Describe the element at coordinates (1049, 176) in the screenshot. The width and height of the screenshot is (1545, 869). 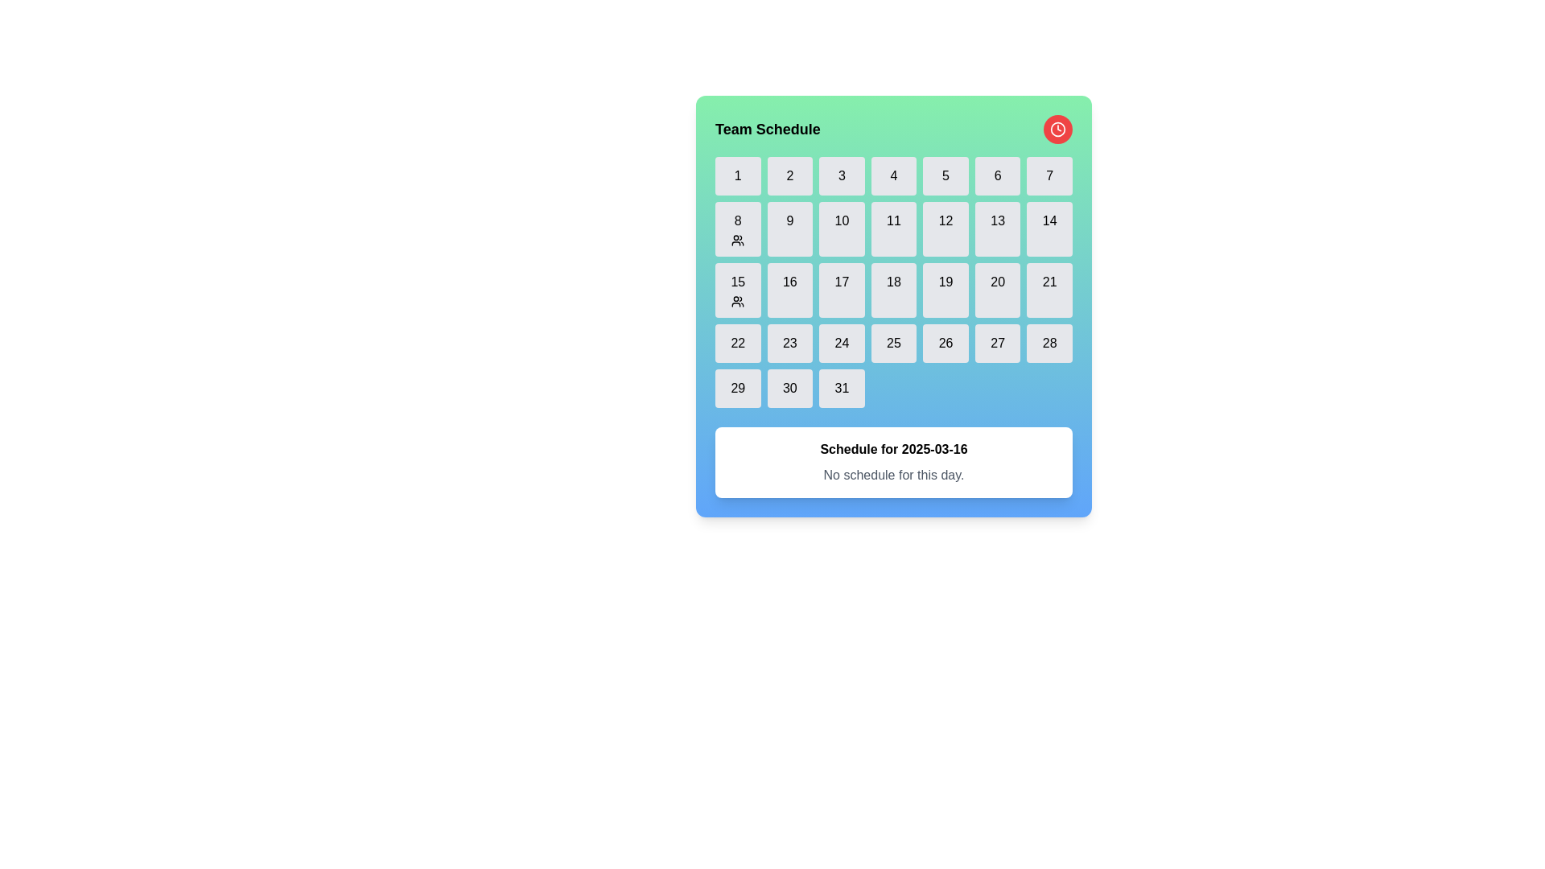
I see `the button displaying the number '7' in bold black text, which is the seventh box in the first row of a grid of numbers` at that location.